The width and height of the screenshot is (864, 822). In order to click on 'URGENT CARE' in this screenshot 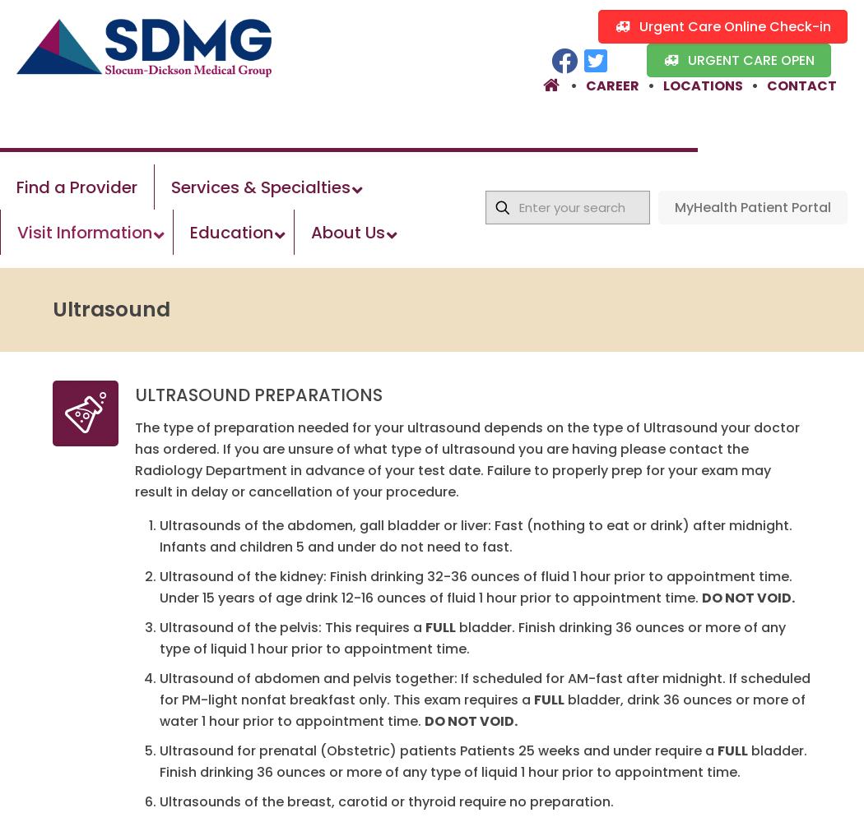, I will do `click(731, 59)`.